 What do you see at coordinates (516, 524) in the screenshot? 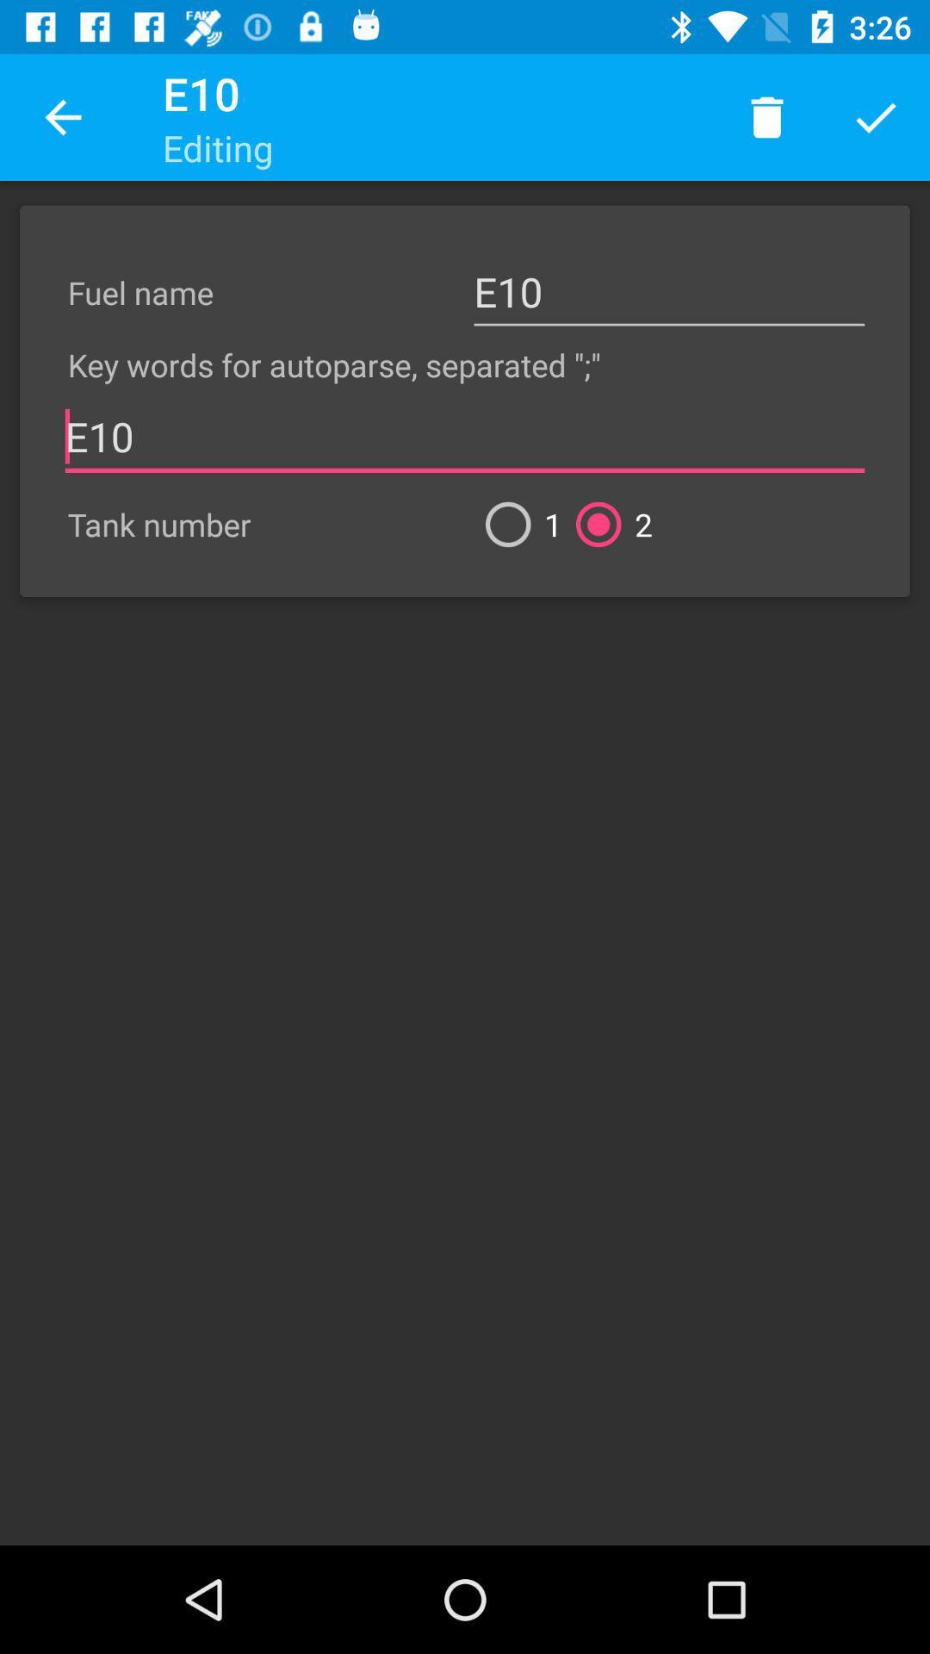
I see `1` at bounding box center [516, 524].